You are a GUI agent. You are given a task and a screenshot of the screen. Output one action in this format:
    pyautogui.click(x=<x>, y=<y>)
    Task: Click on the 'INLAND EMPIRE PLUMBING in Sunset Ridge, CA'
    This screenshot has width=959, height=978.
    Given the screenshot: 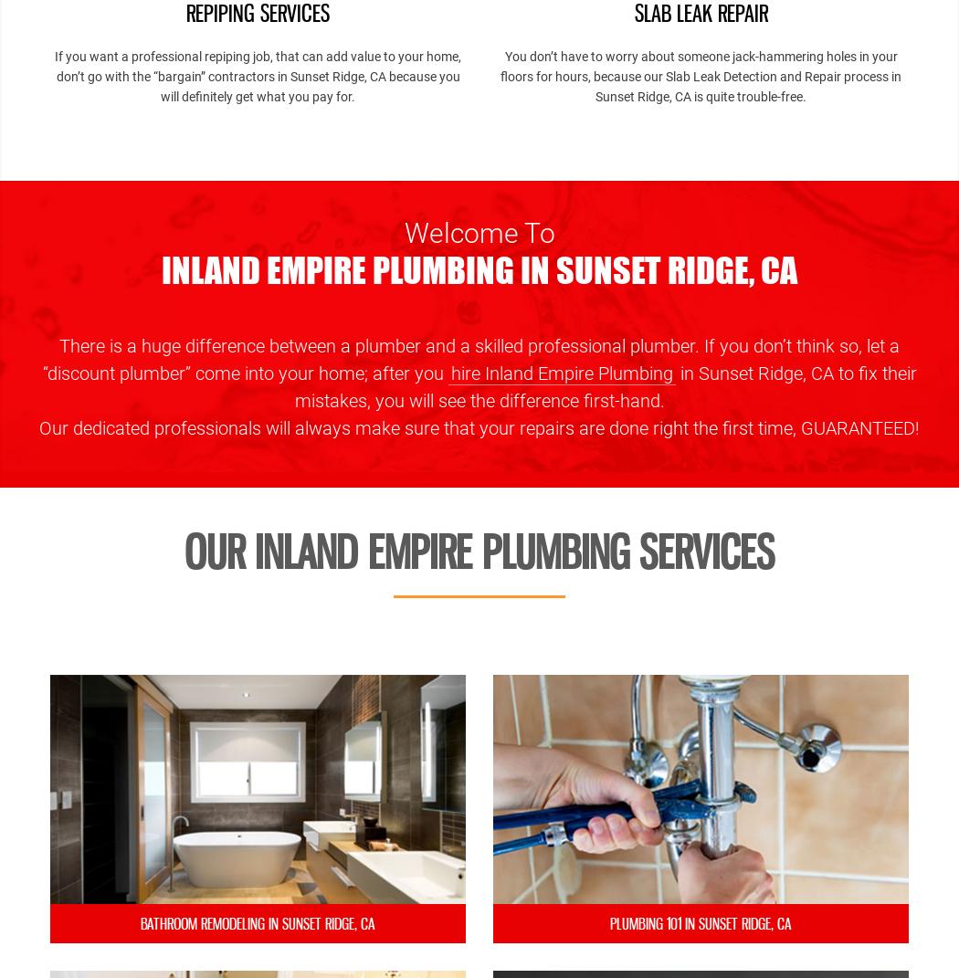 What is the action you would take?
    pyautogui.click(x=479, y=268)
    